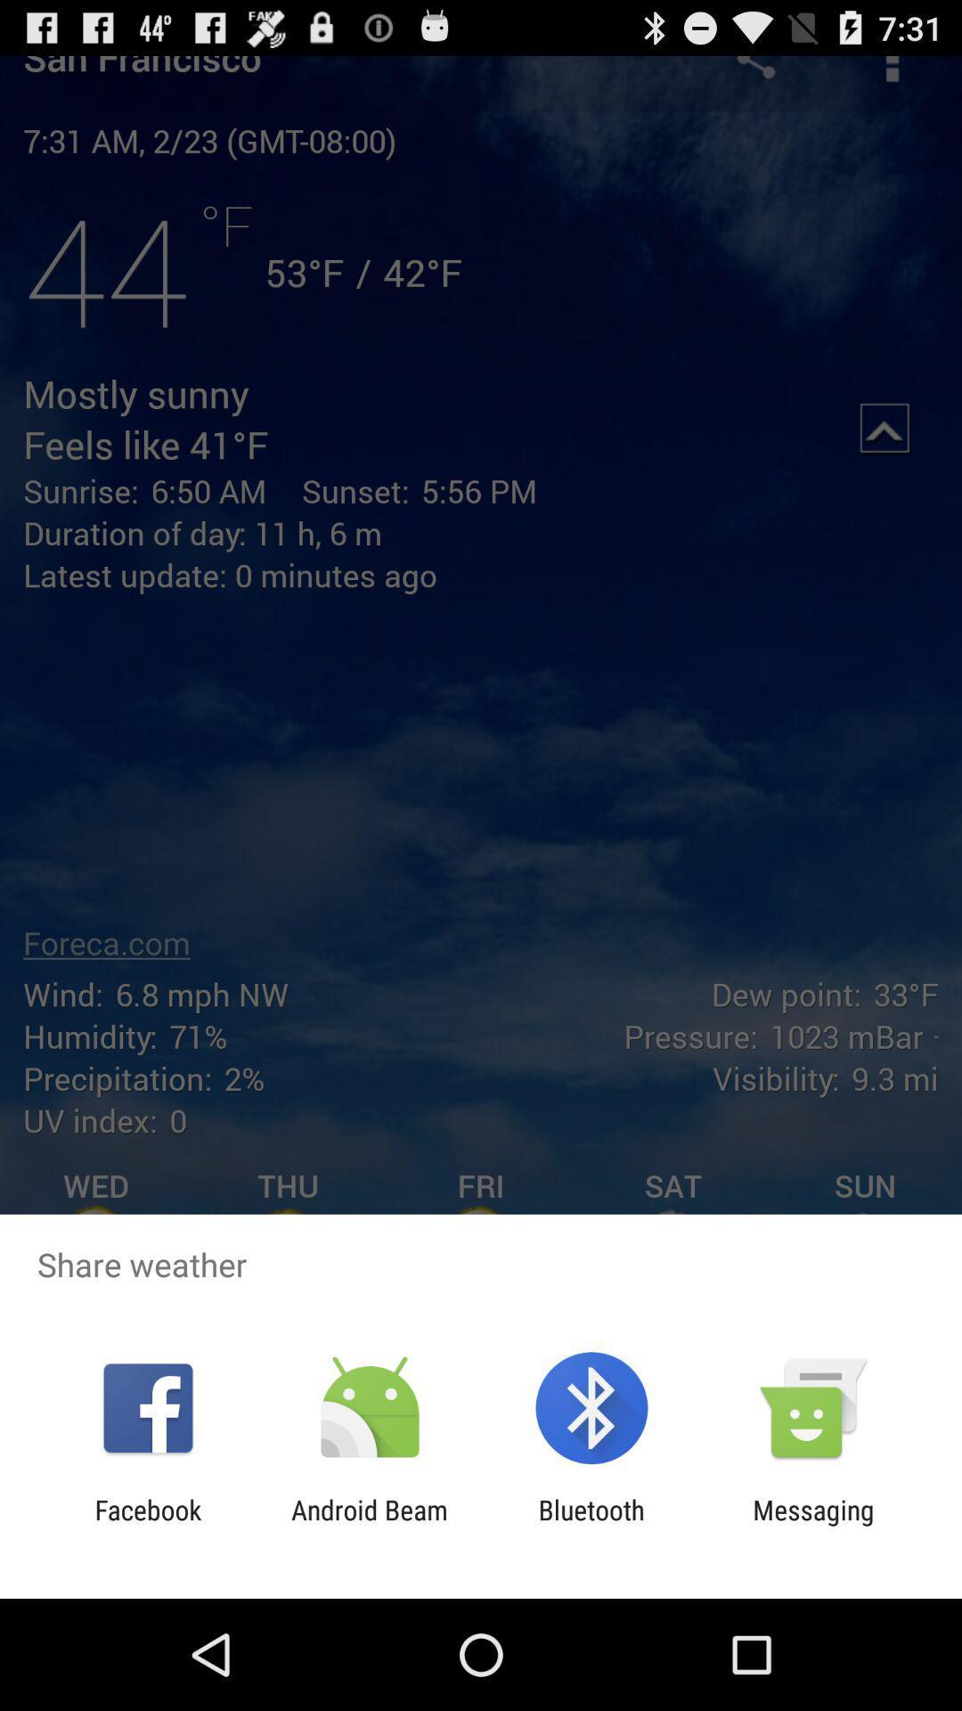 The height and width of the screenshot is (1711, 962). I want to click on the app next to the android beam icon, so click(147, 1525).